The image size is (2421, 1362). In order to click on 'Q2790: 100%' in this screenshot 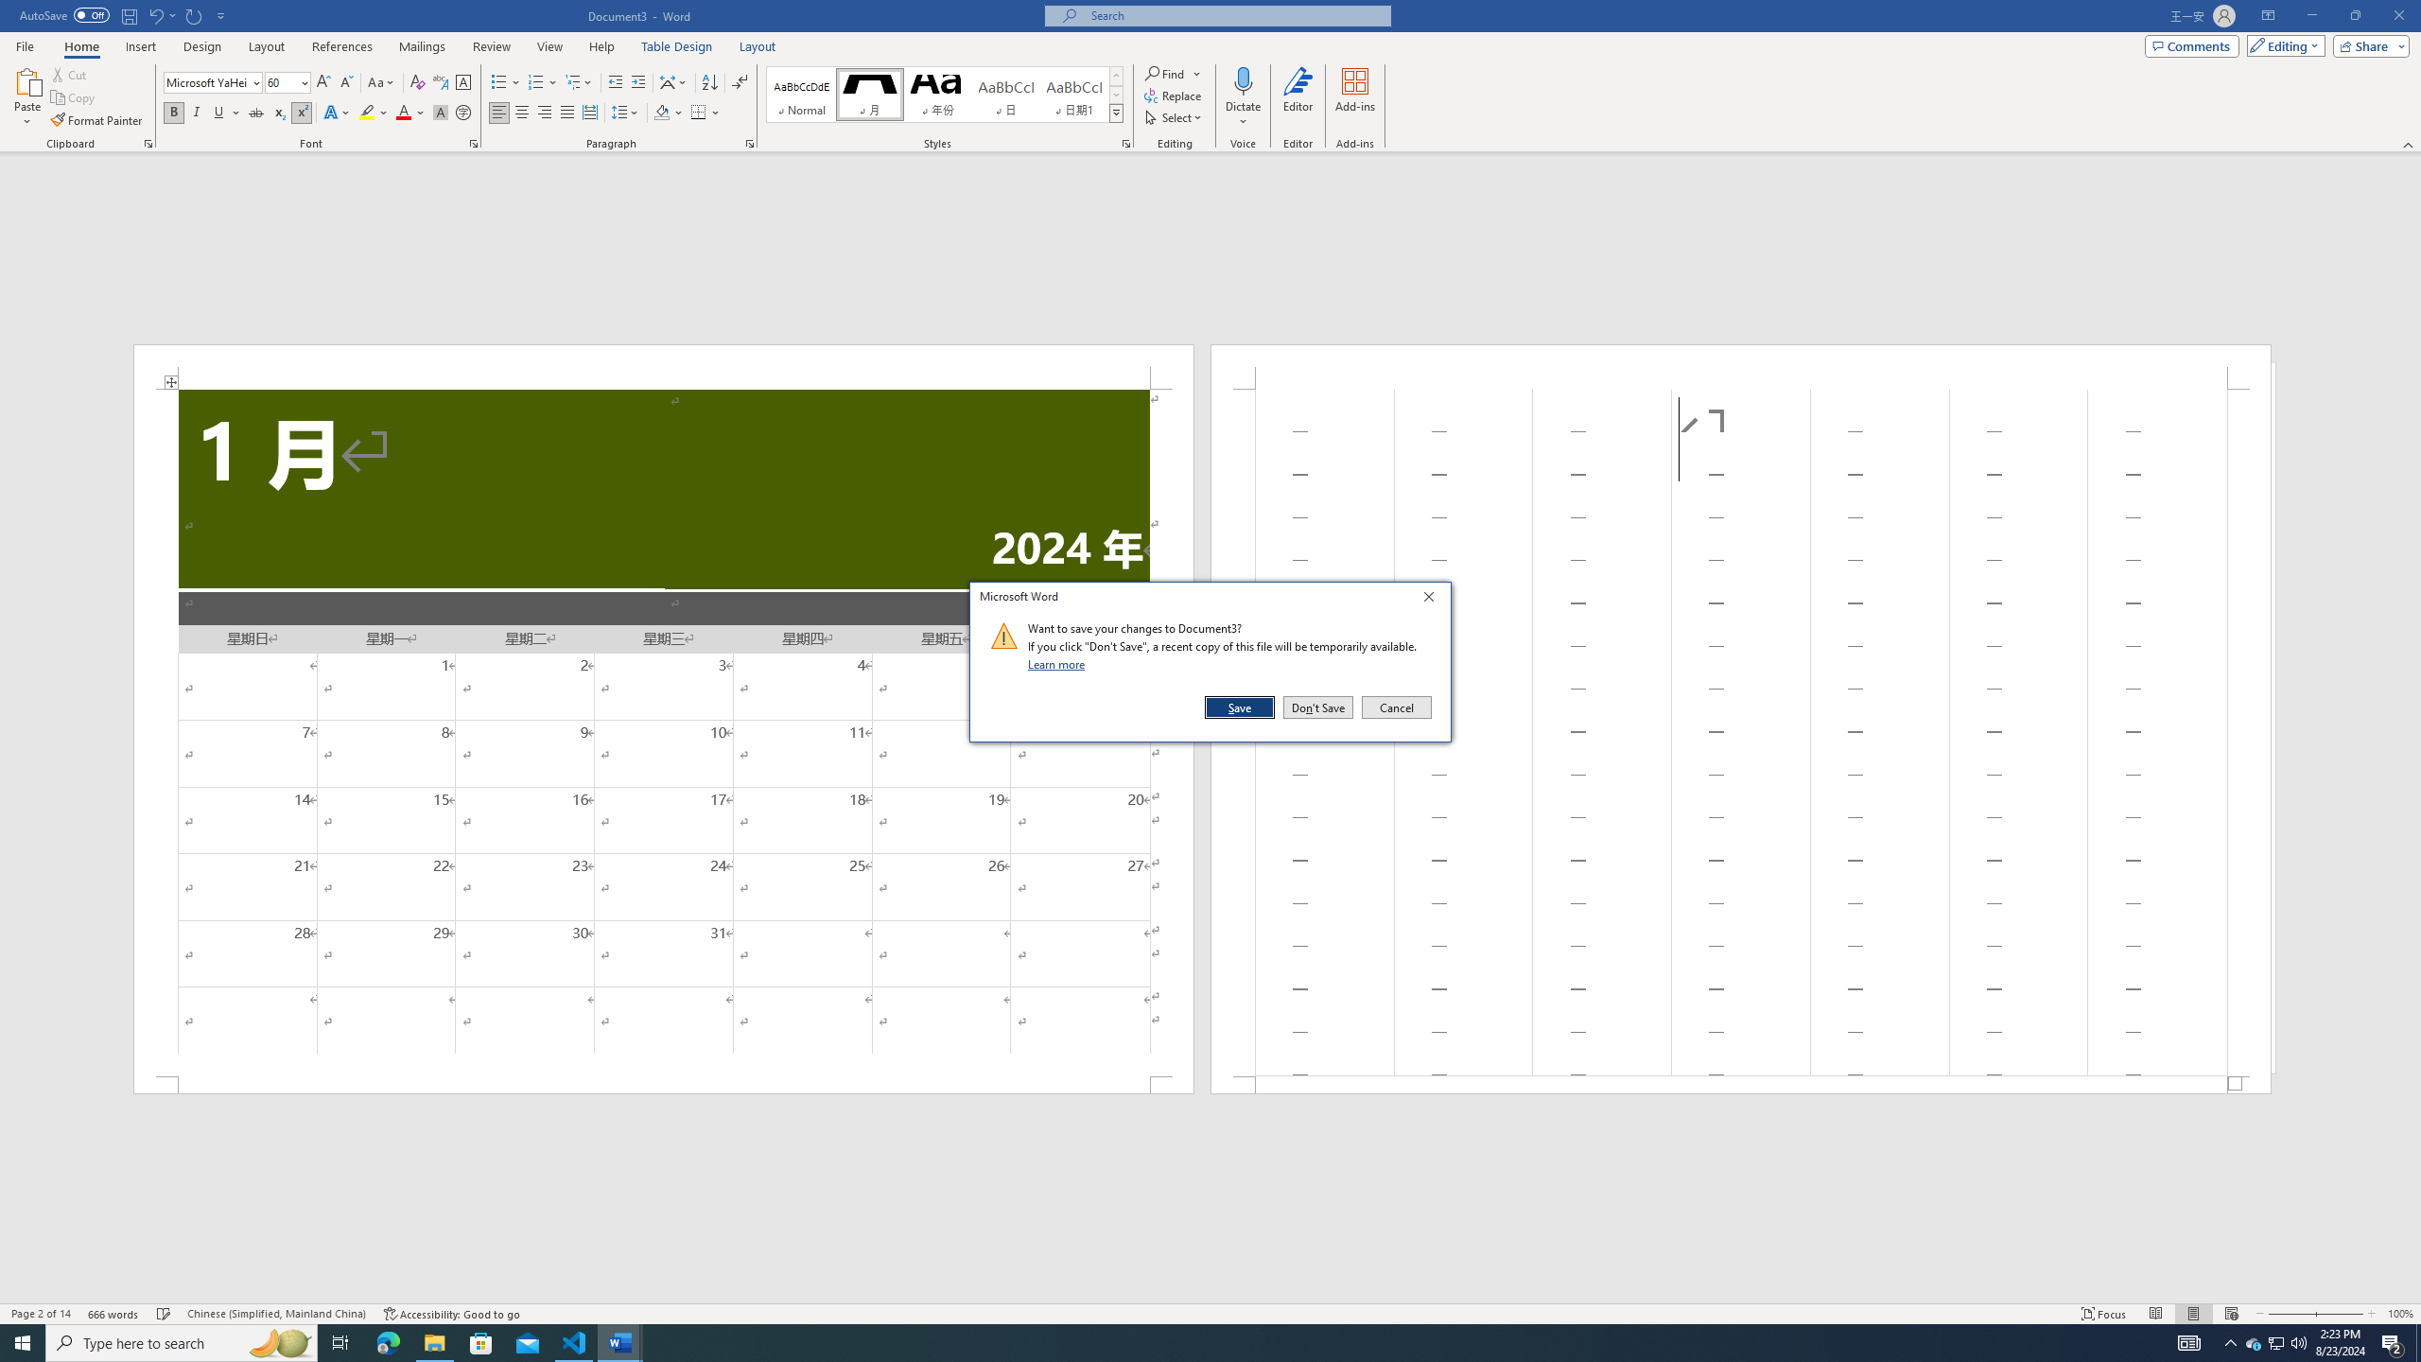, I will do `click(2297, 1341)`.